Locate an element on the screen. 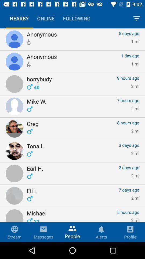 The image size is (145, 259). profile is located at coordinates (130, 232).